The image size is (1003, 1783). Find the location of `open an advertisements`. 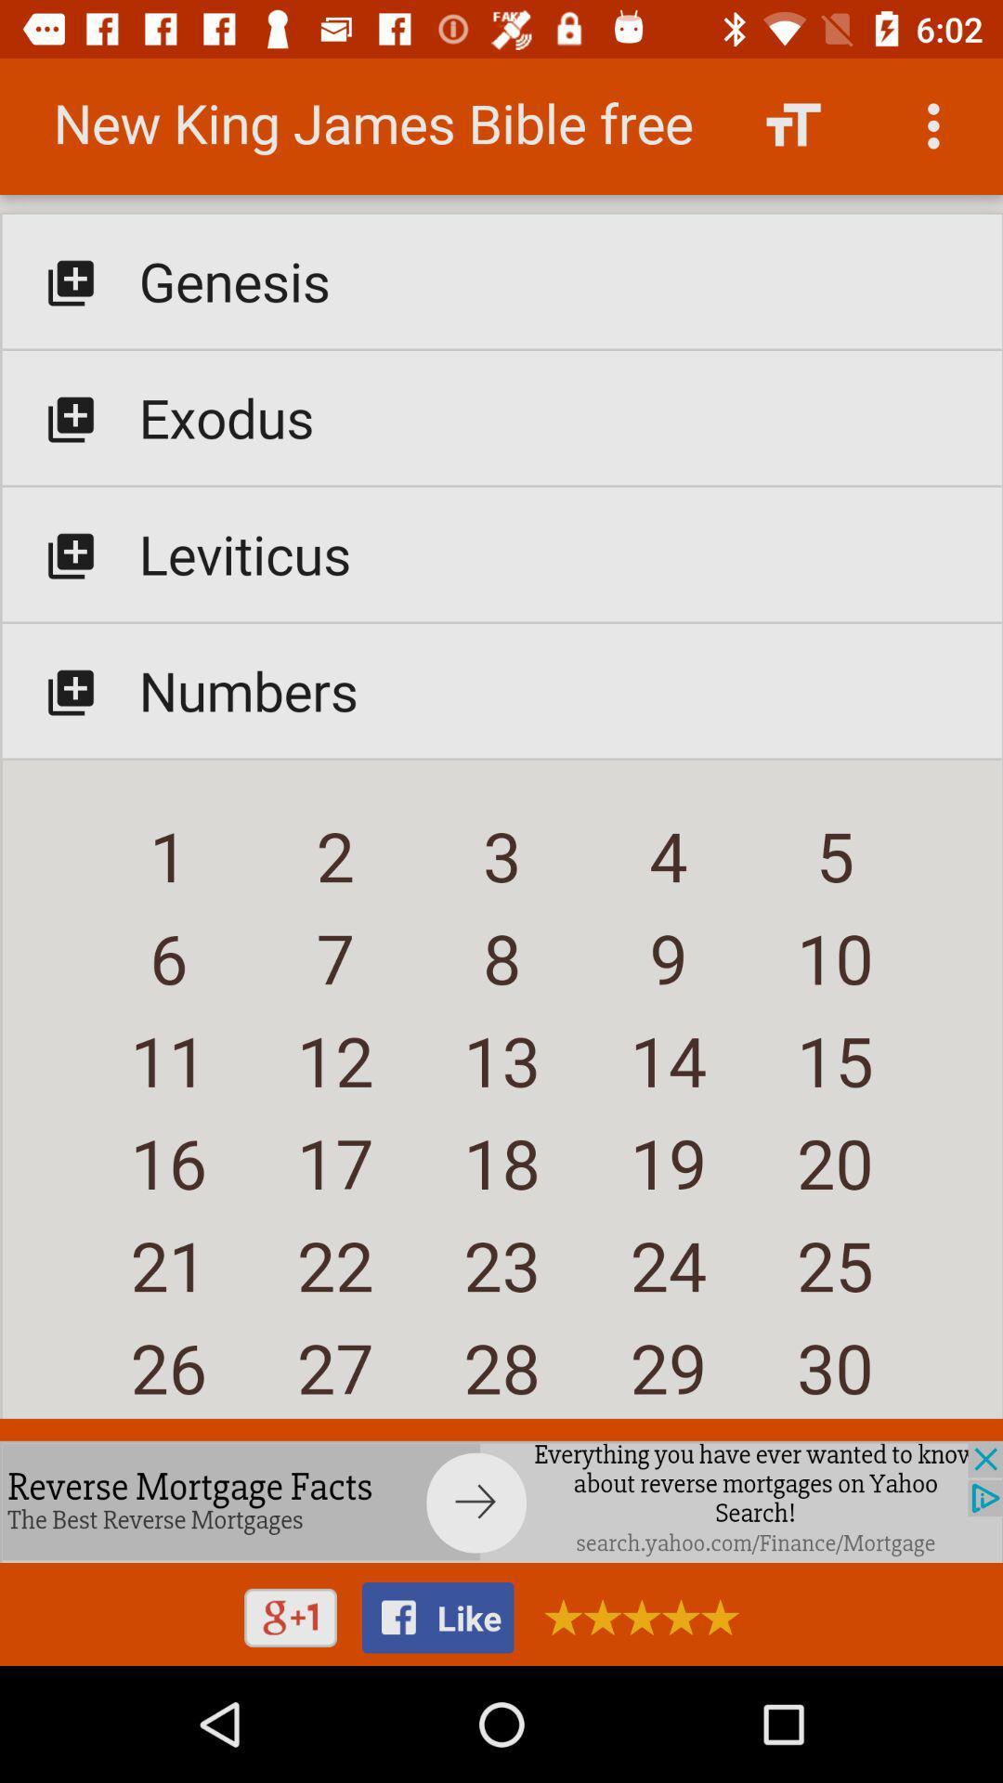

open an advertisements is located at coordinates (634, 1616).